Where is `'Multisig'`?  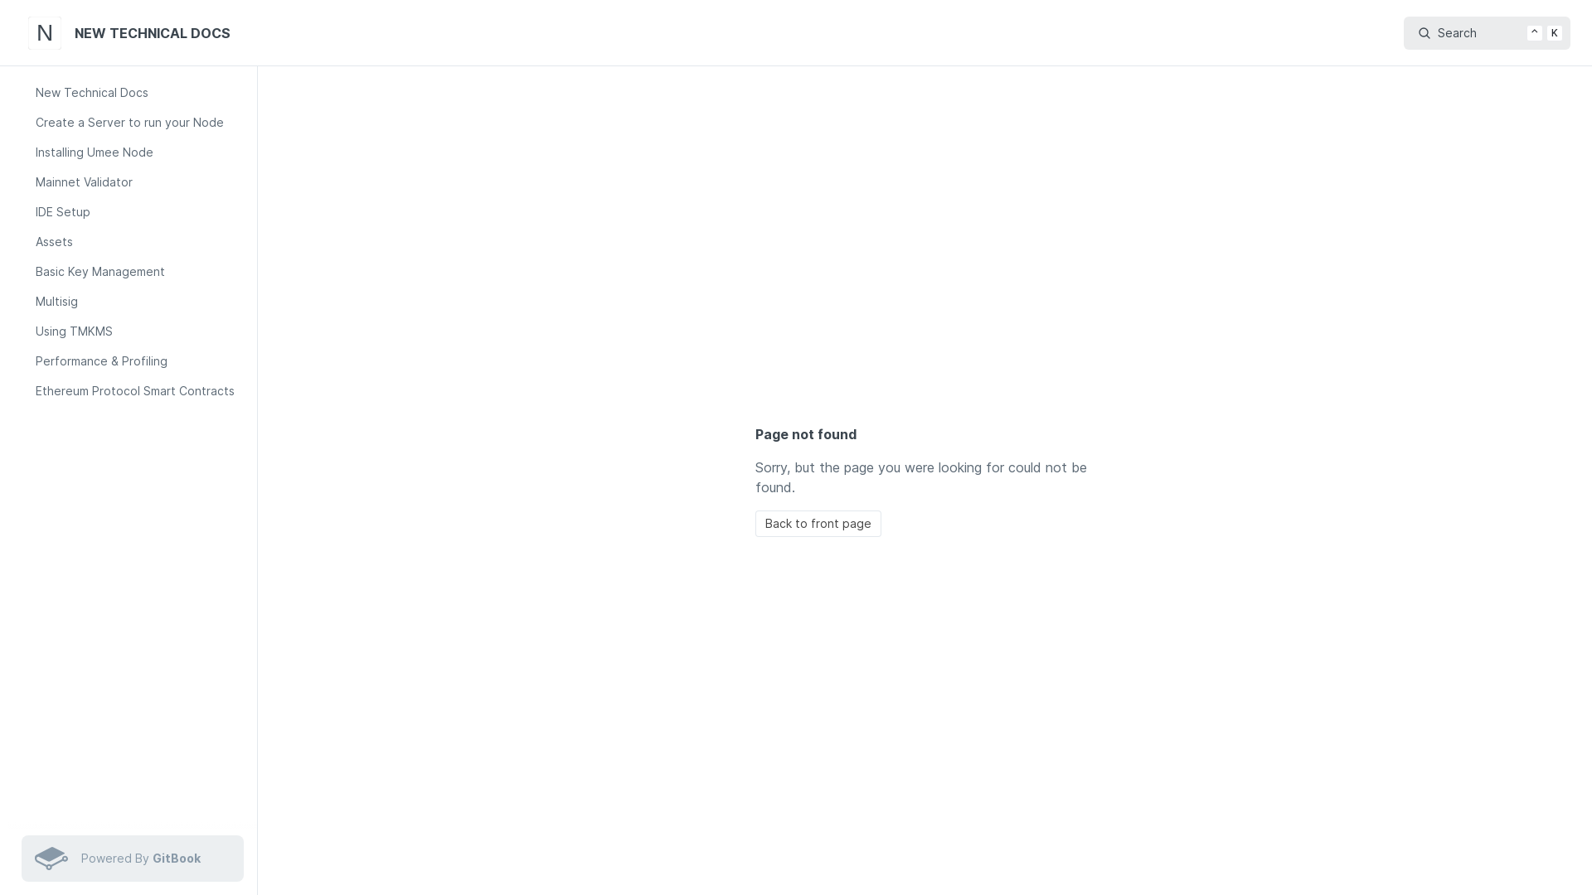
'Multisig' is located at coordinates (27, 301).